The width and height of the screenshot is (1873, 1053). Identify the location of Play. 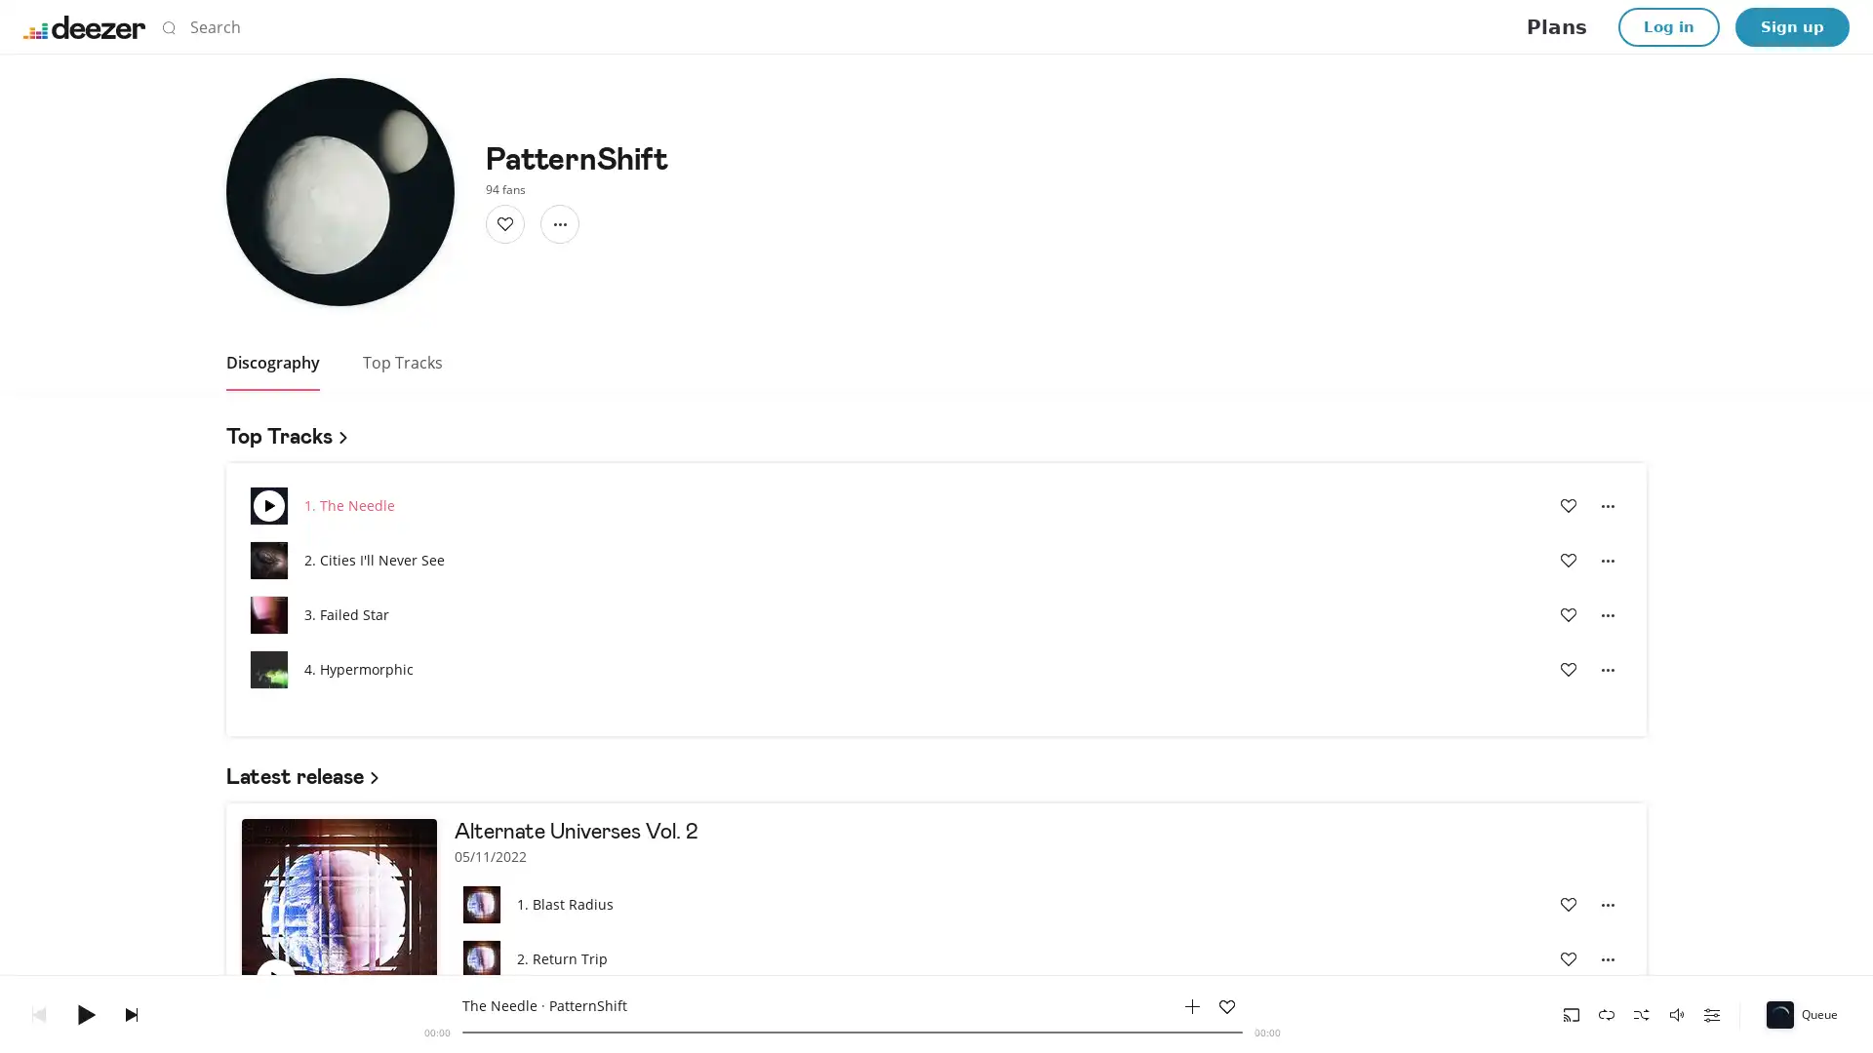
(84, 1013).